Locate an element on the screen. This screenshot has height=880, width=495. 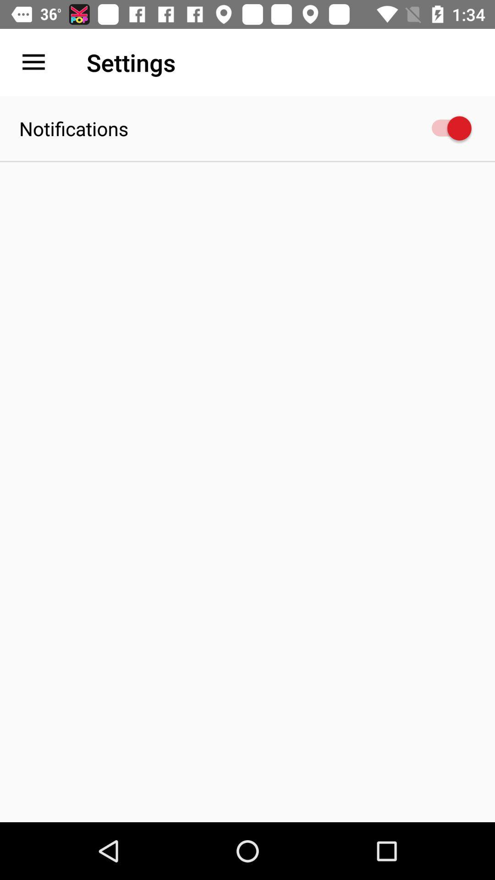
icon at the top right corner is located at coordinates (446, 128).